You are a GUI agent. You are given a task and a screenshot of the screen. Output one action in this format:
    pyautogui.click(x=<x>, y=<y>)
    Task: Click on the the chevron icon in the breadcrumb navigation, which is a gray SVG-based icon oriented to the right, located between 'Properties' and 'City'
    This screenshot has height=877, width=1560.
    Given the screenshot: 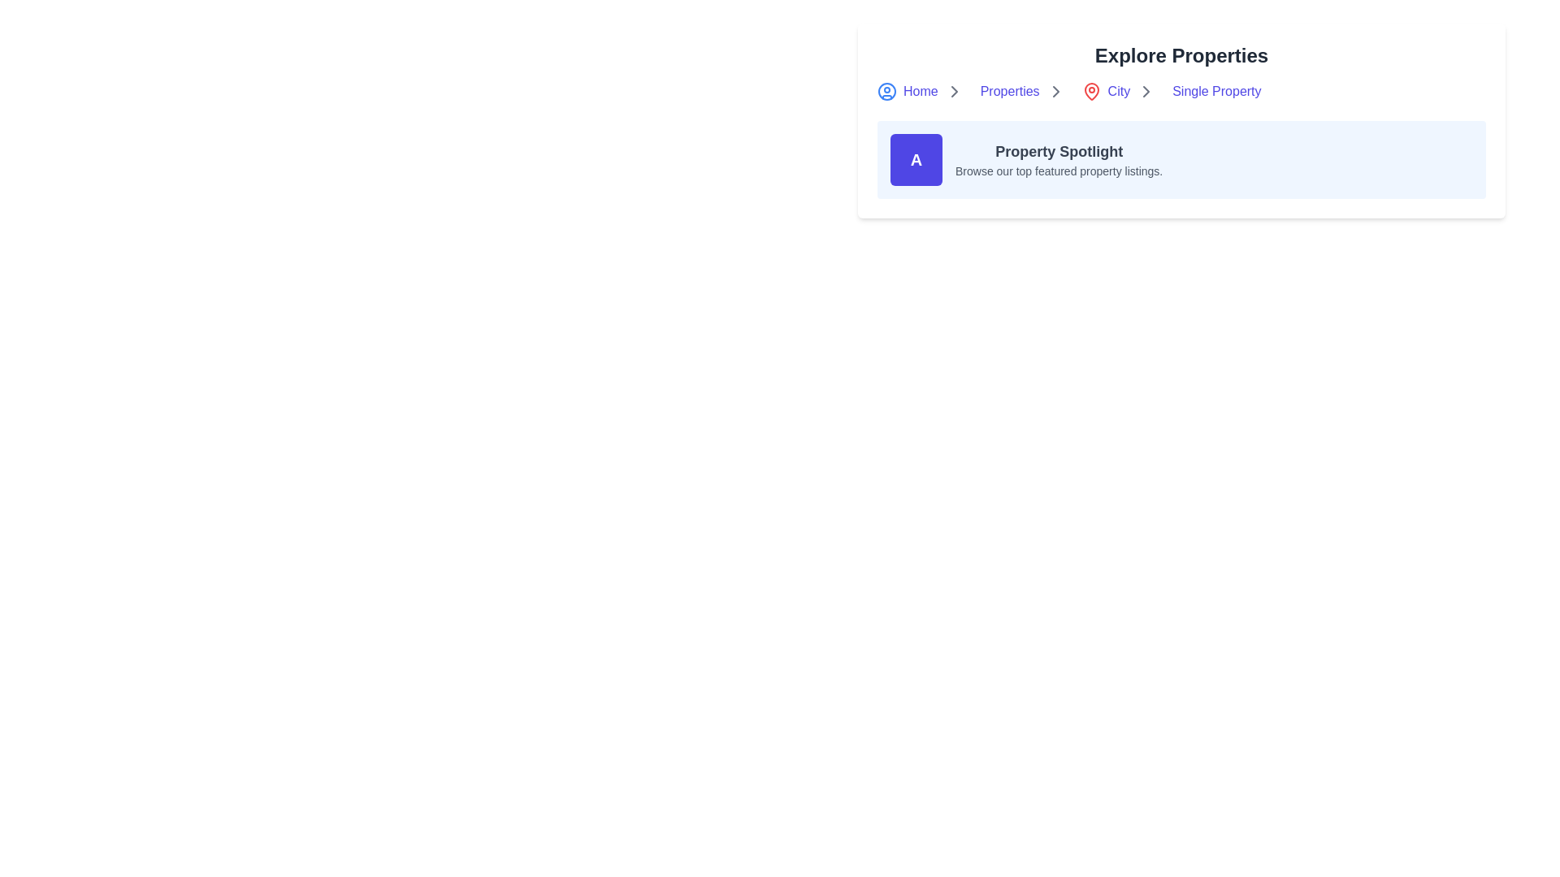 What is the action you would take?
    pyautogui.click(x=1146, y=91)
    